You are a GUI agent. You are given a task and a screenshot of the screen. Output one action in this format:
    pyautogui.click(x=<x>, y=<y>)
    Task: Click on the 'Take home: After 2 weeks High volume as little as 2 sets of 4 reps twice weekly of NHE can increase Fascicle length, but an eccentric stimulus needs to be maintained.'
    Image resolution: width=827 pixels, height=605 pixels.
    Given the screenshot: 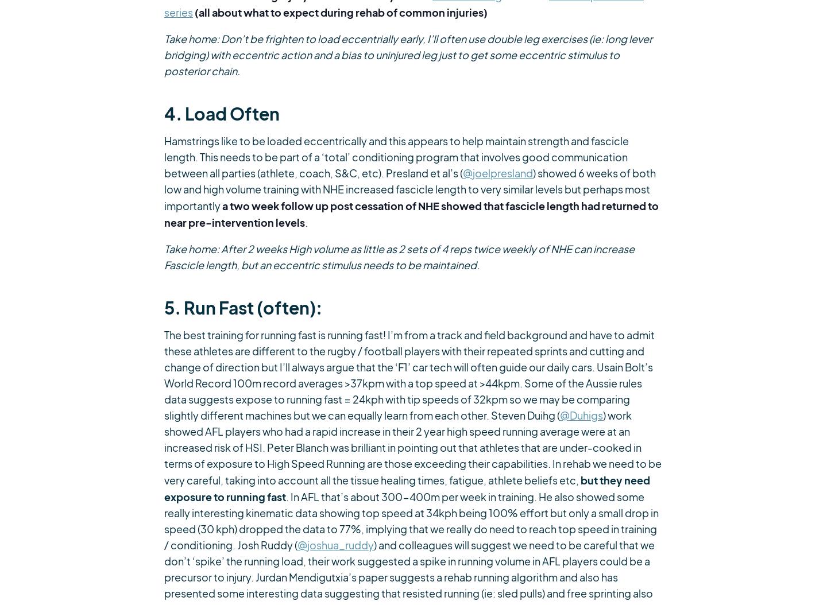 What is the action you would take?
    pyautogui.click(x=399, y=257)
    